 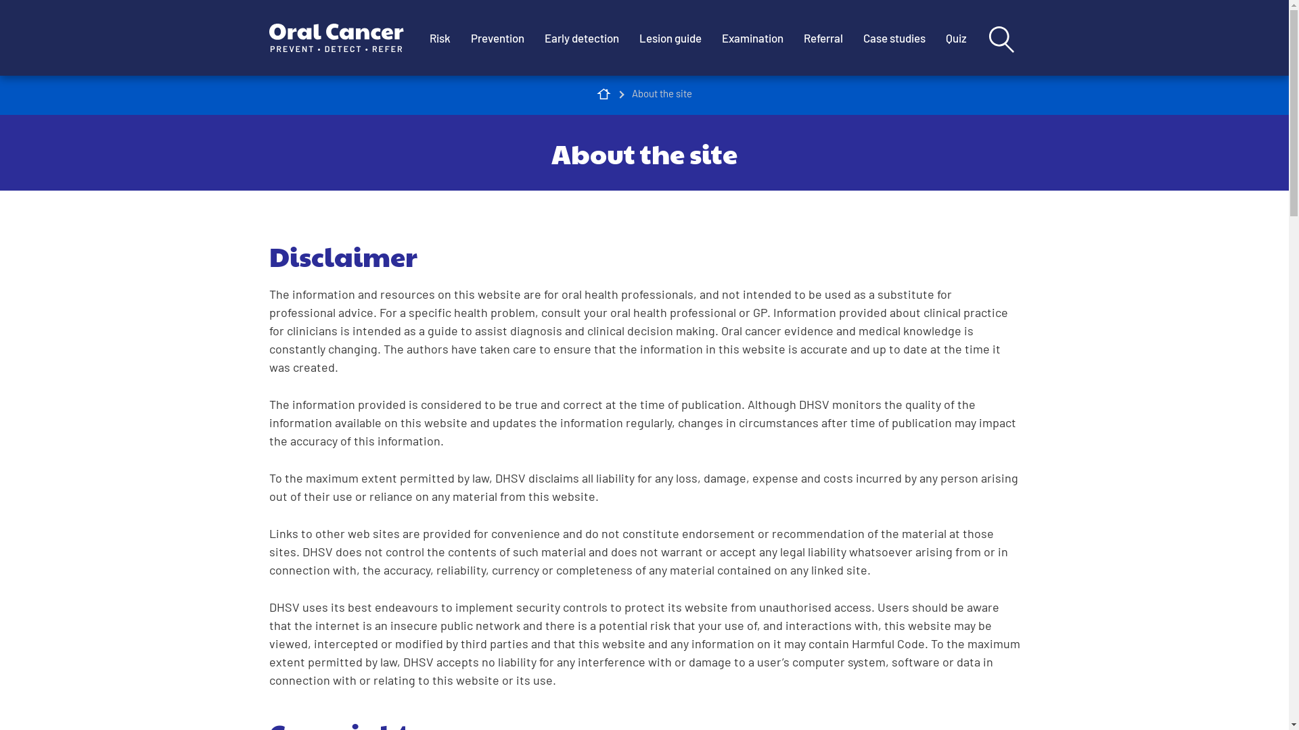 What do you see at coordinates (792, 37) in the screenshot?
I see `'Referral'` at bounding box center [792, 37].